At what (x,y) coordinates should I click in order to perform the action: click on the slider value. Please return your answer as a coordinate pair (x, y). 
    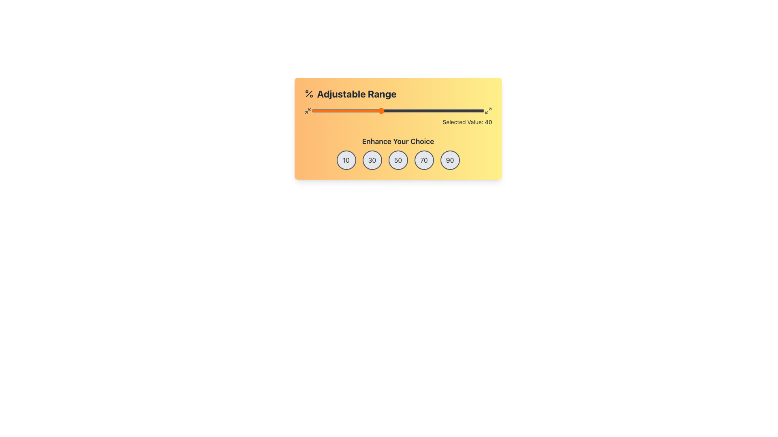
    Looking at the image, I should click on (395, 110).